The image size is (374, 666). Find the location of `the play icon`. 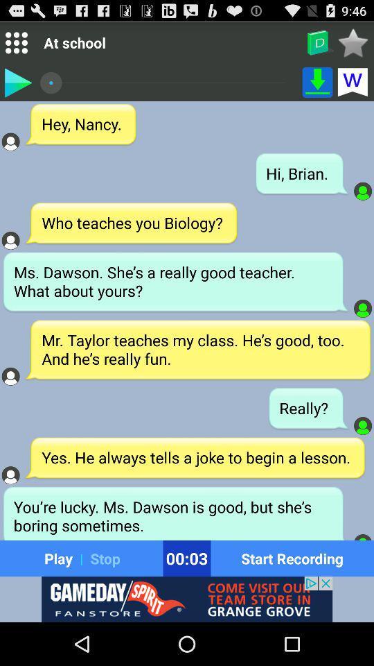

the play icon is located at coordinates (17, 87).